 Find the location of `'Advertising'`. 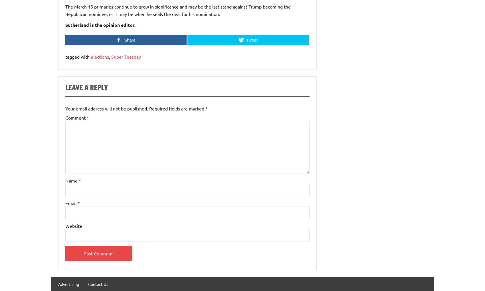

'Advertising' is located at coordinates (68, 284).